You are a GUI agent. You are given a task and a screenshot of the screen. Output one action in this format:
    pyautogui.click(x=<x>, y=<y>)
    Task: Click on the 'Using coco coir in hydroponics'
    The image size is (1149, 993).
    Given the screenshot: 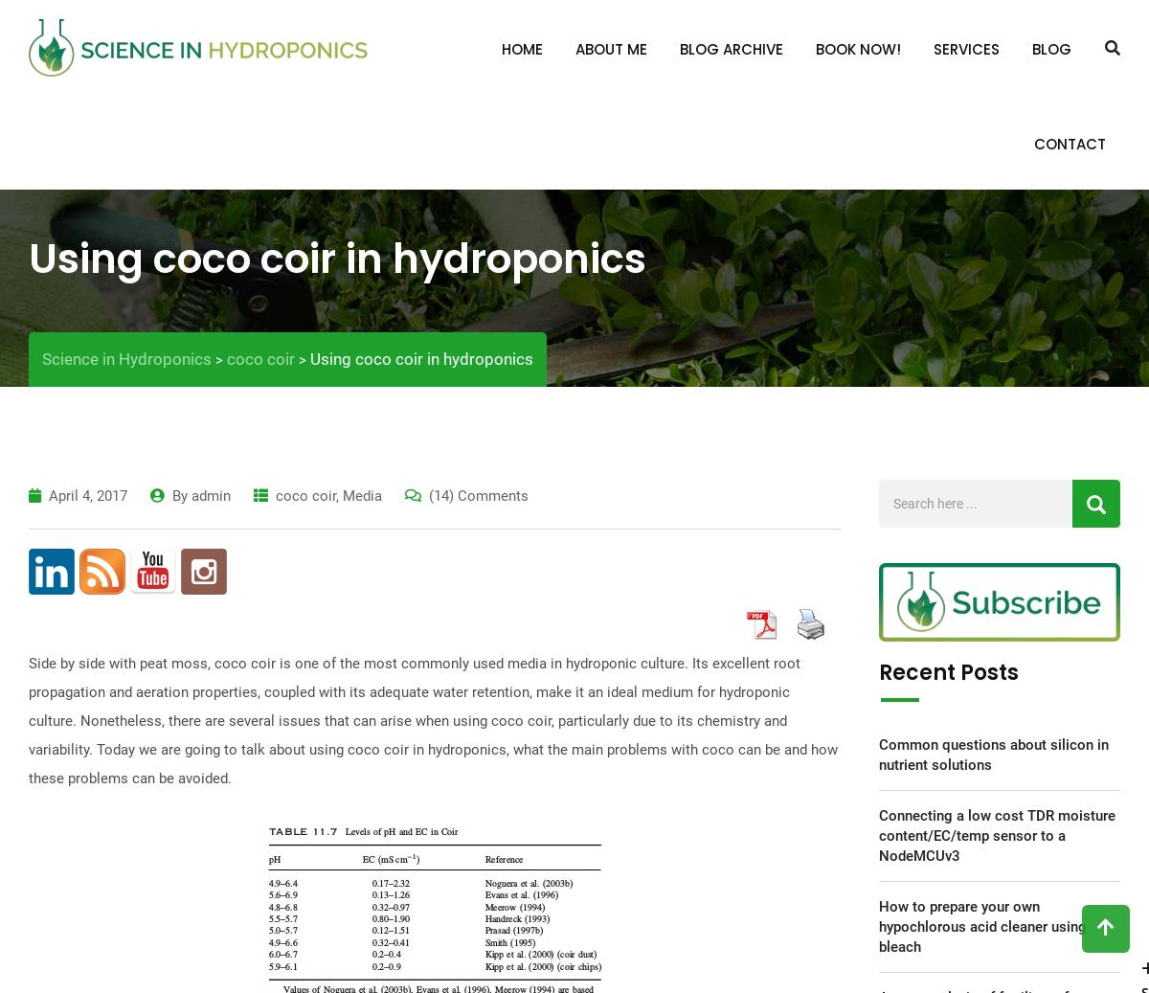 What is the action you would take?
    pyautogui.click(x=29, y=258)
    